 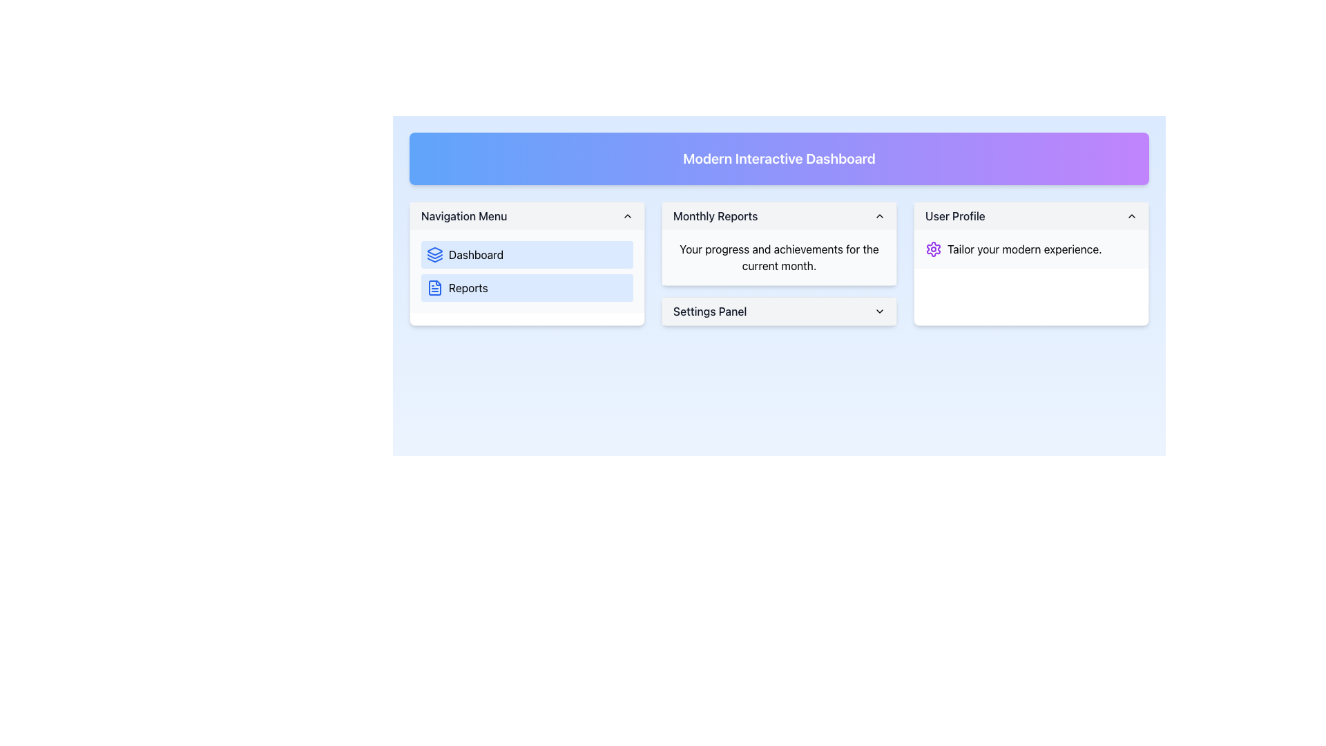 I want to click on the 'Dashboard' link located within the 'Navigation Menu' card, so click(x=526, y=263).